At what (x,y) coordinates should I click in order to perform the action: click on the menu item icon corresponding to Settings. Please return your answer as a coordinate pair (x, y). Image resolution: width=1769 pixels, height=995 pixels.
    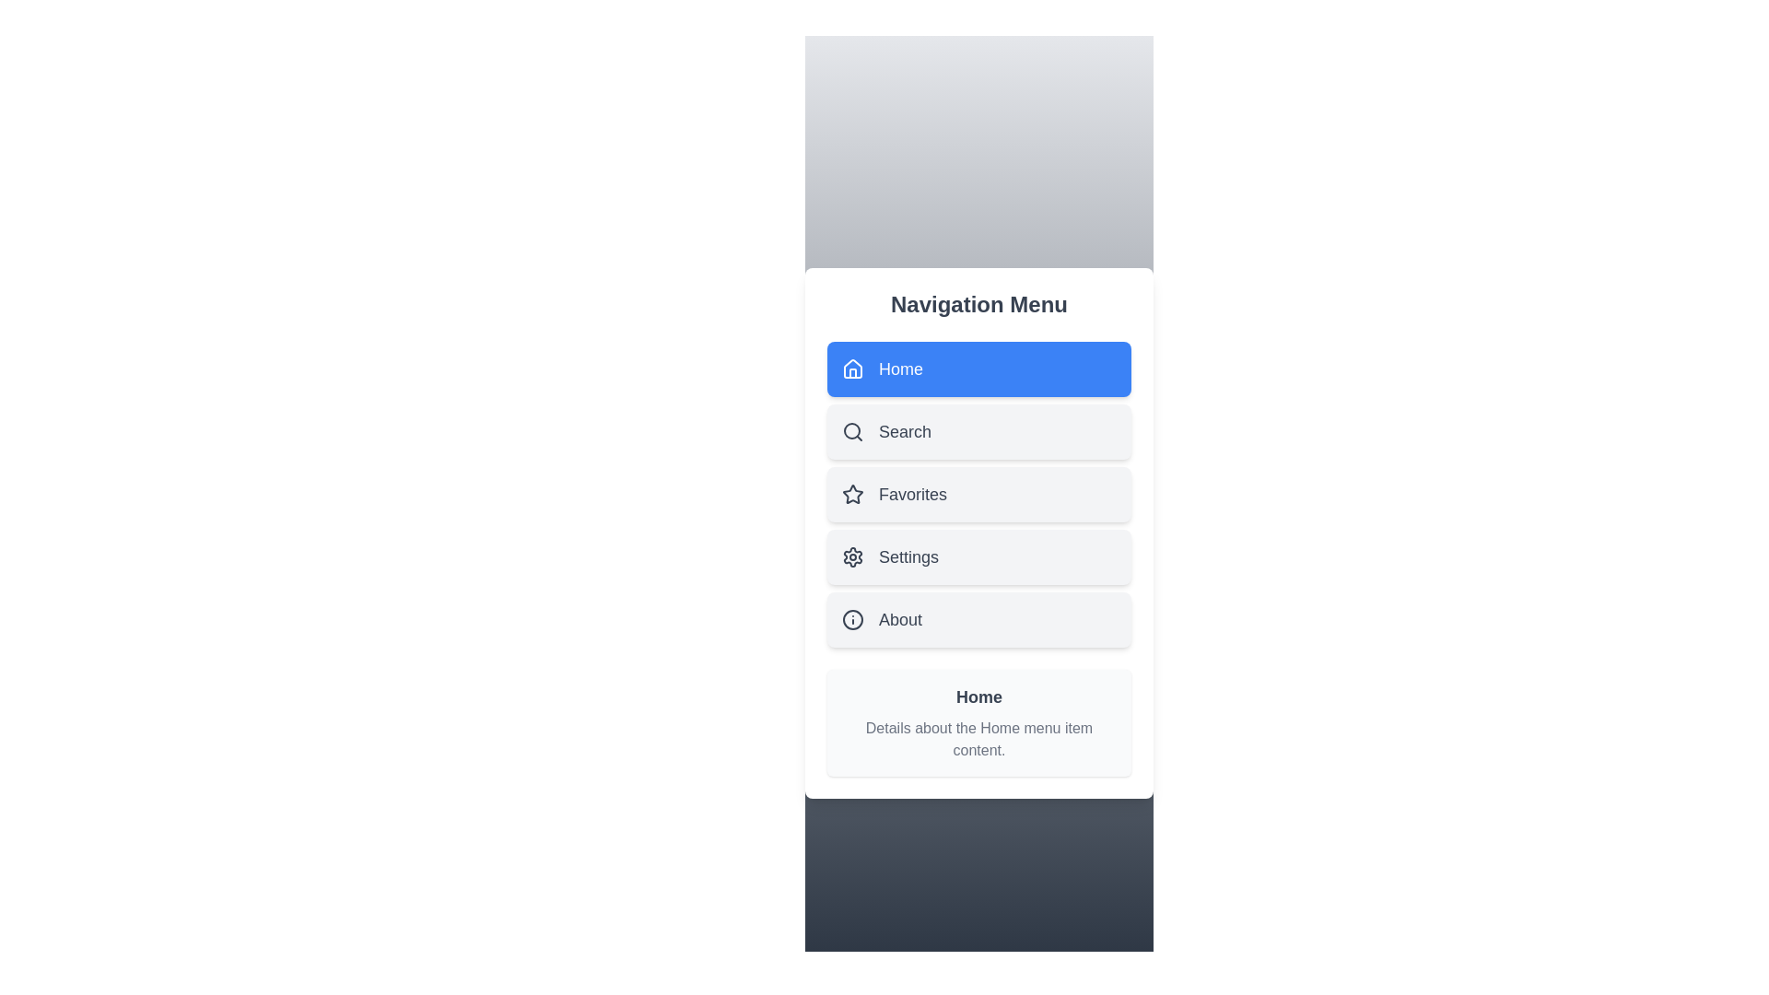
    Looking at the image, I should click on (852, 556).